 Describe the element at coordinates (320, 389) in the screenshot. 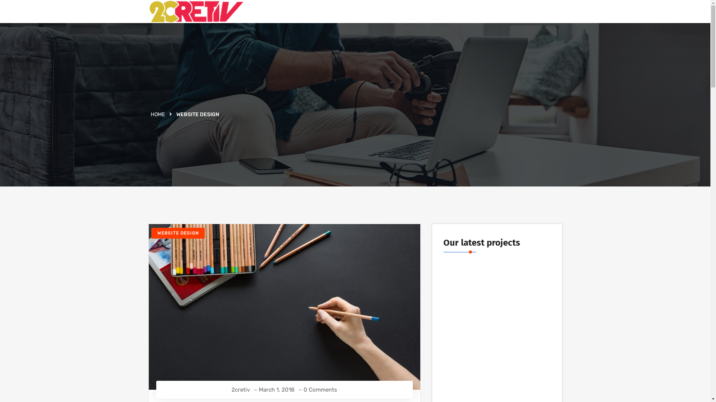

I see `'0 Comments'` at that location.